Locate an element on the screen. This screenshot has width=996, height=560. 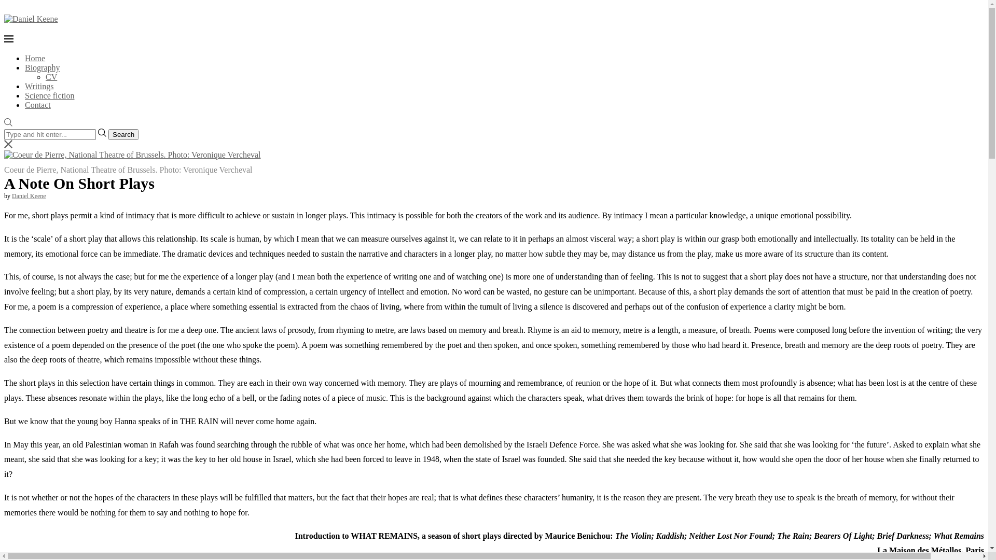
'Daniel Keene' is located at coordinates (29, 196).